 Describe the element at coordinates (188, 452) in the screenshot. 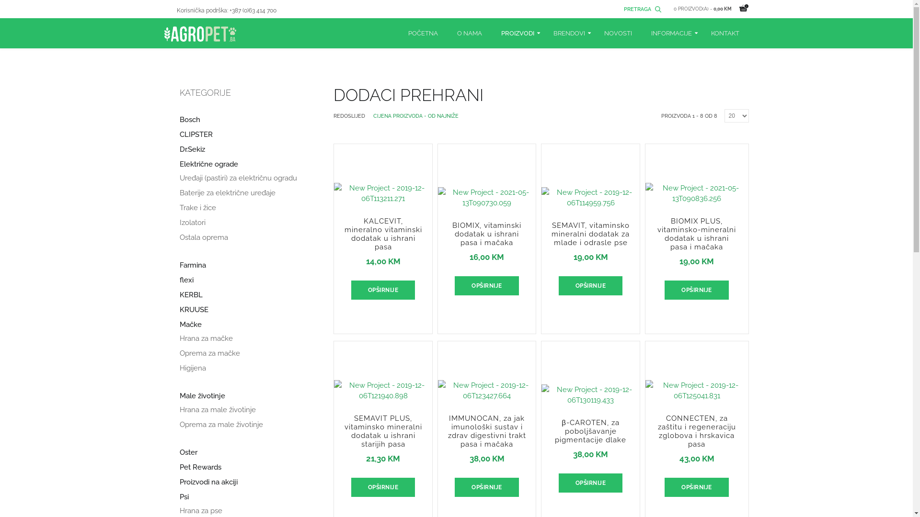

I see `'Oster'` at that location.